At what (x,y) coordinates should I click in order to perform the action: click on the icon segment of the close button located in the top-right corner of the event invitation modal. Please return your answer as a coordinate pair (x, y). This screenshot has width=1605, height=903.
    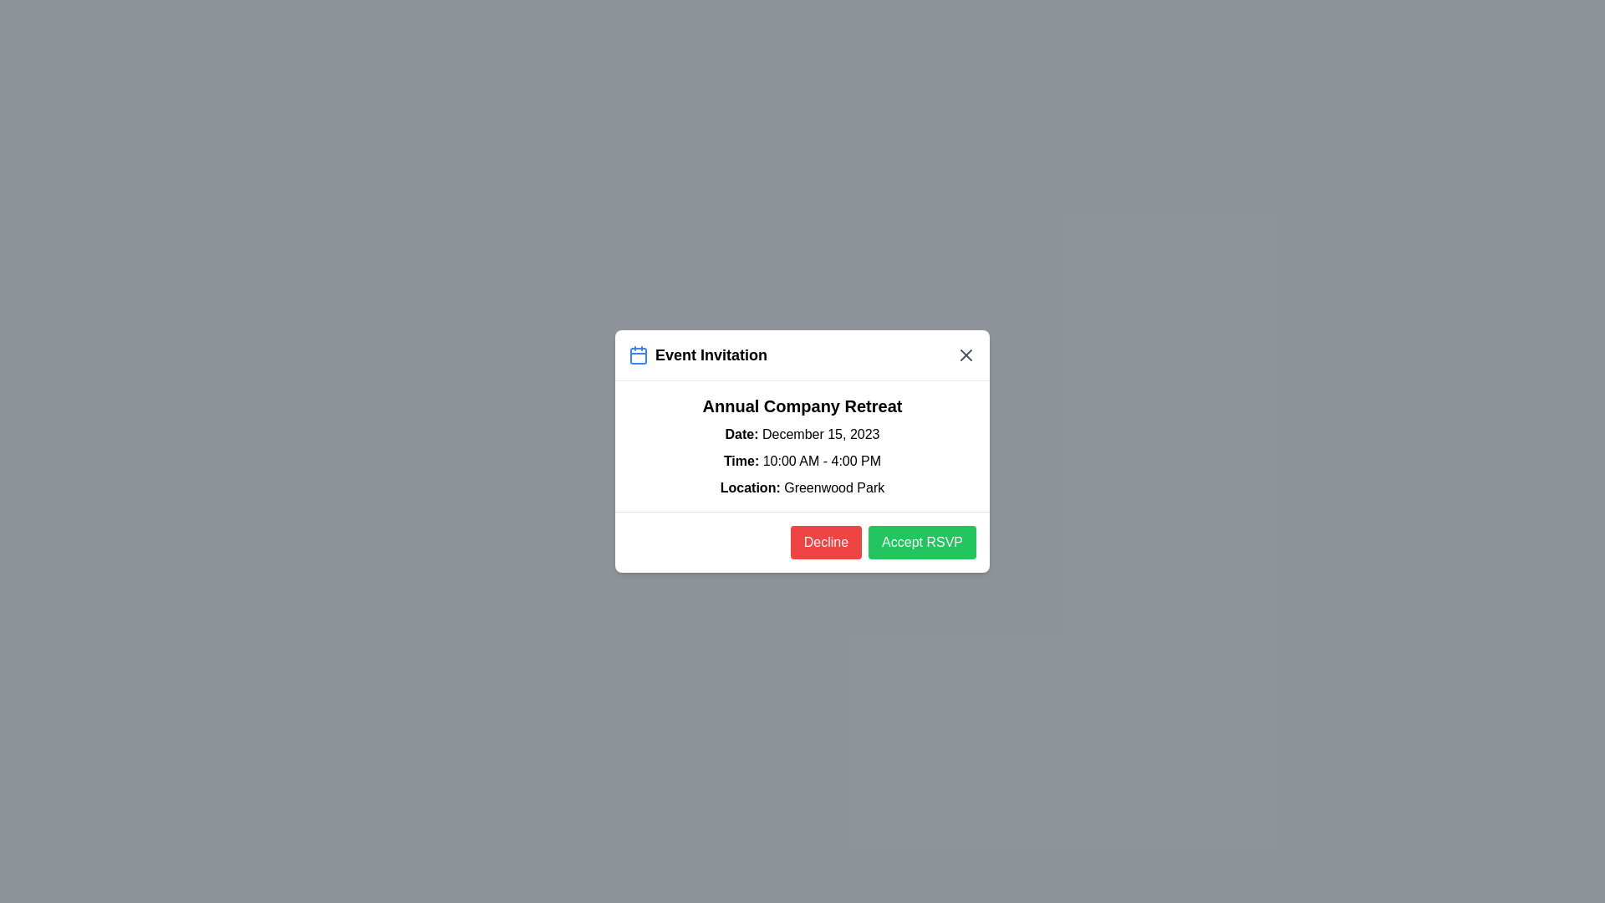
    Looking at the image, I should click on (966, 354).